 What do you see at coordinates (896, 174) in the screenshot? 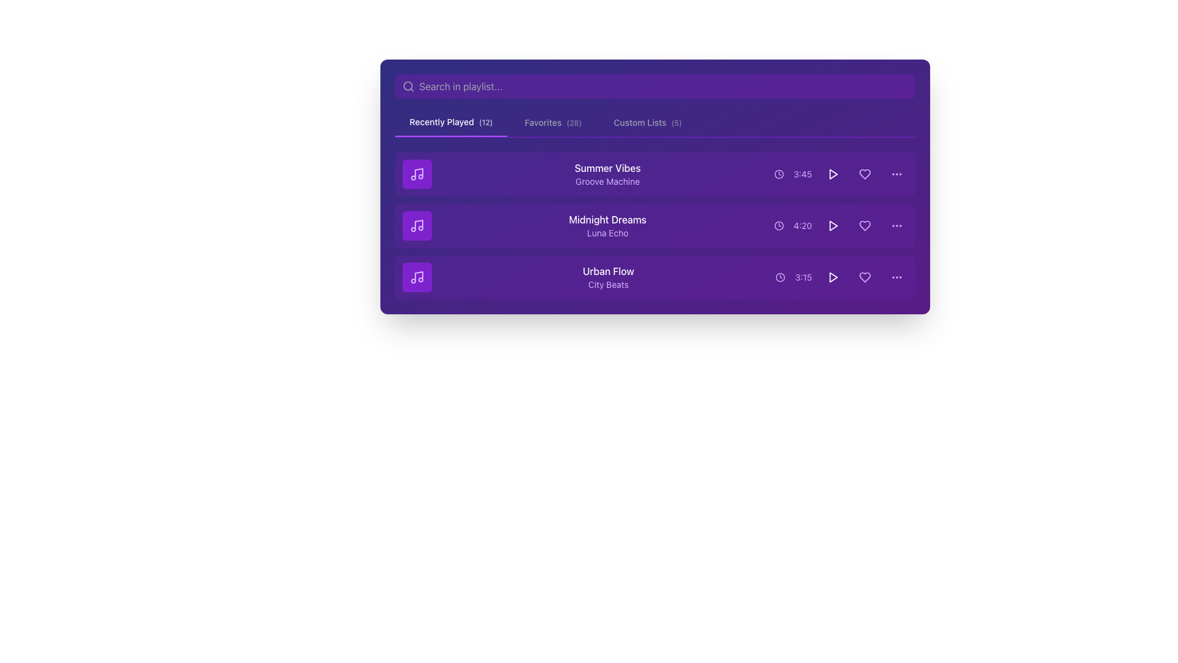
I see `the Horizontal Ellipsis Button icon, which is styled with purple dots and is located on the rightmost side of the song 'Summer Vibes' list item` at bounding box center [896, 174].